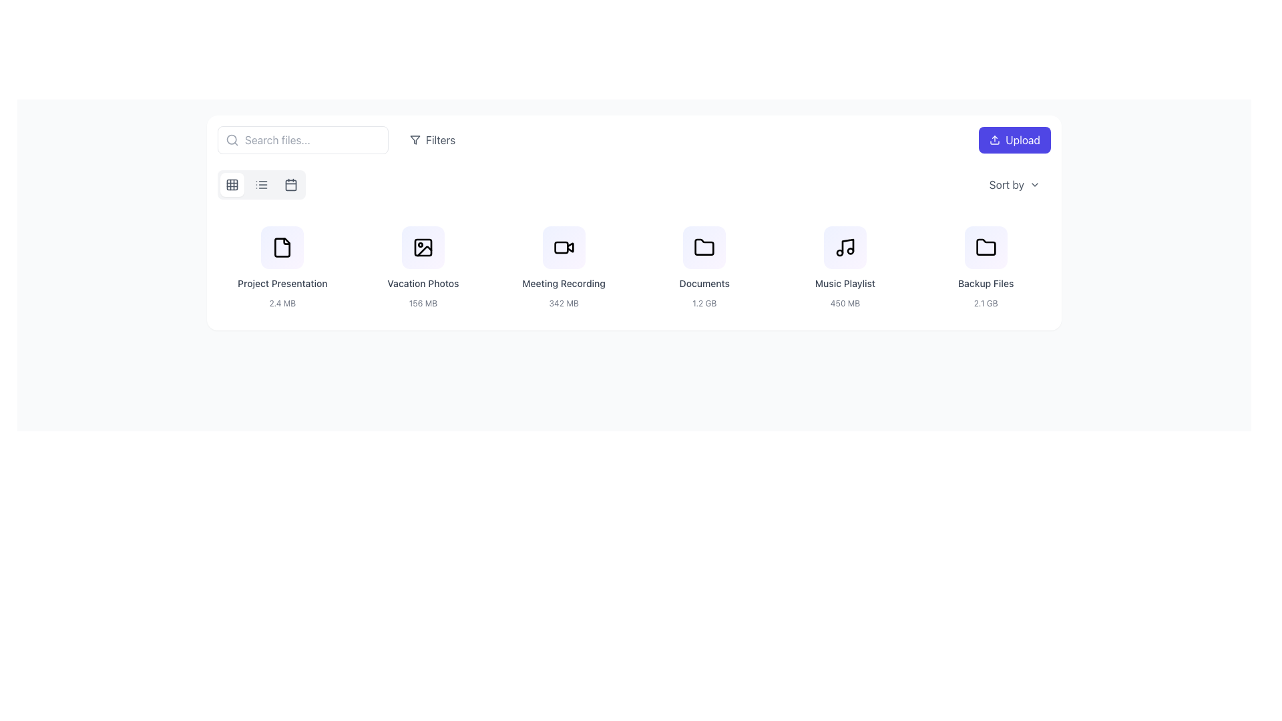 Image resolution: width=1282 pixels, height=721 pixels. What do you see at coordinates (614, 229) in the screenshot?
I see `the Ellipsis menu button, which consists of three vertically aligned gray circles located in the top-right corner of the 'Meeting Recording' card` at bounding box center [614, 229].